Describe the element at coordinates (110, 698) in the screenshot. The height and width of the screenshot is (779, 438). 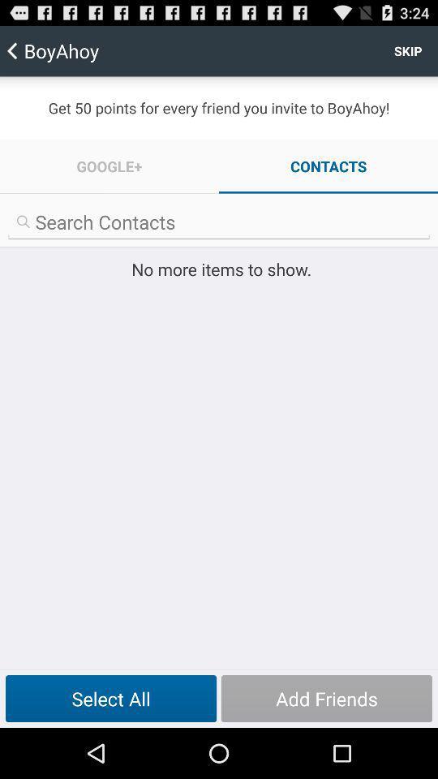
I see `item to the left of the add friends item` at that location.